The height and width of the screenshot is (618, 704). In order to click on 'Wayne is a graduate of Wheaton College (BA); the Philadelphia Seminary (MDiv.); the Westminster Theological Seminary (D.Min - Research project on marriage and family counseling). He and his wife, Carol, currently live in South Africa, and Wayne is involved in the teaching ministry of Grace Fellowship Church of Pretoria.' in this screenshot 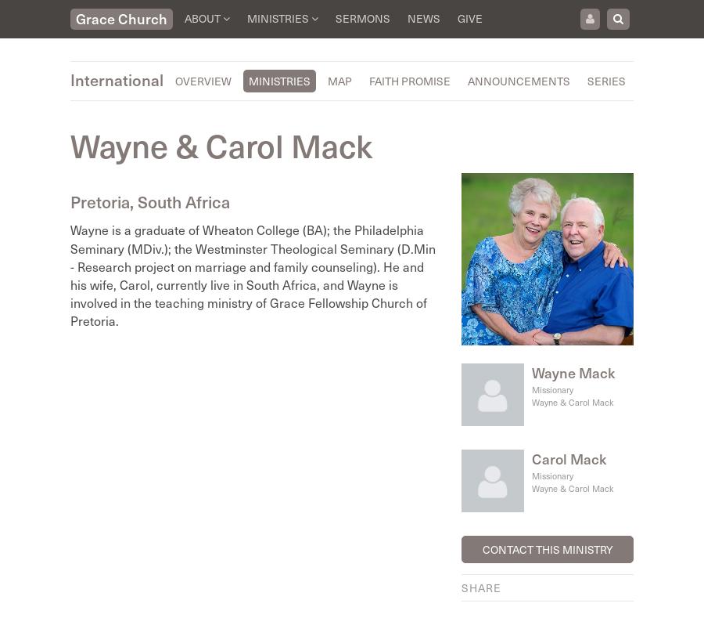, I will do `click(70, 274)`.